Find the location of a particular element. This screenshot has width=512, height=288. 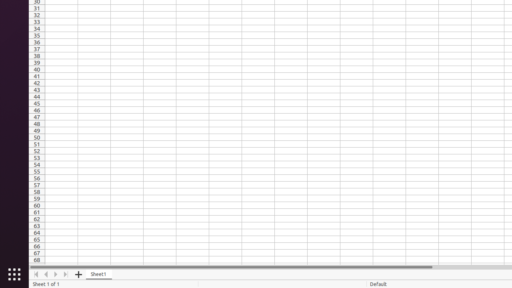

'Move Left' is located at coordinates (46, 274).